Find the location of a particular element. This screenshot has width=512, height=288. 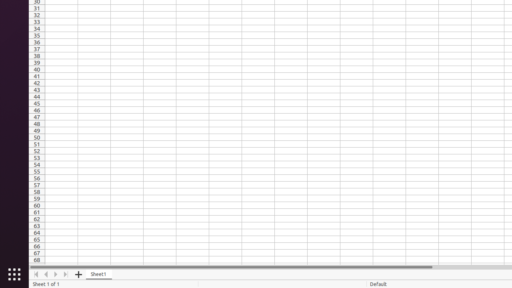

'Move Left' is located at coordinates (46, 274).